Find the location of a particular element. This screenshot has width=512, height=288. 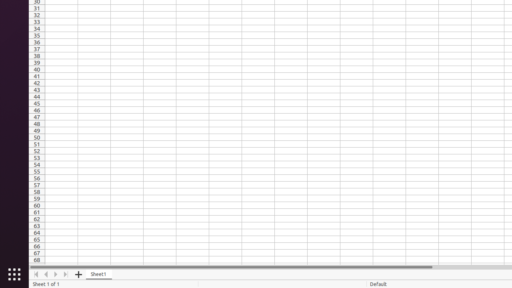

'Move Left' is located at coordinates (46, 274).